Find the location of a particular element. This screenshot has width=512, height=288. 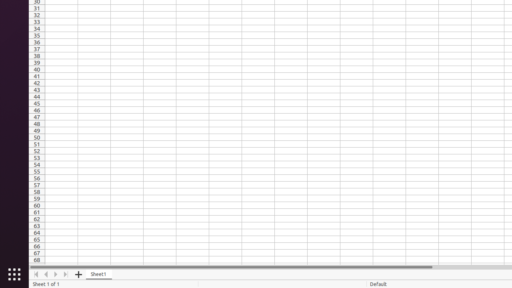

'Move Left' is located at coordinates (46, 274).